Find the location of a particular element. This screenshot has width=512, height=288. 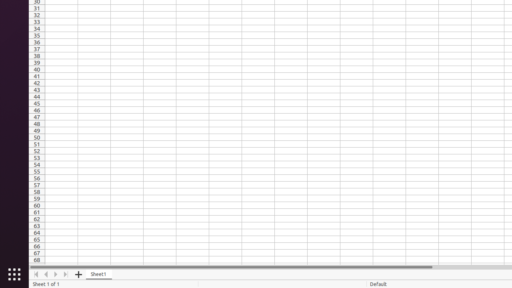

'Move Left' is located at coordinates (46, 274).